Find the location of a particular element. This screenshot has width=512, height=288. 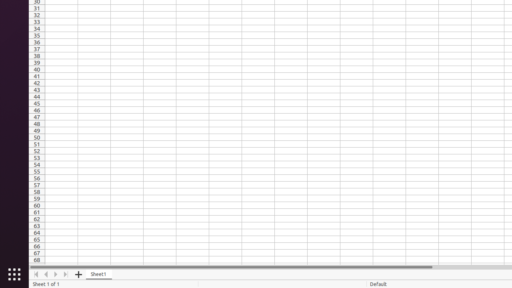

'Move Left' is located at coordinates (46, 274).